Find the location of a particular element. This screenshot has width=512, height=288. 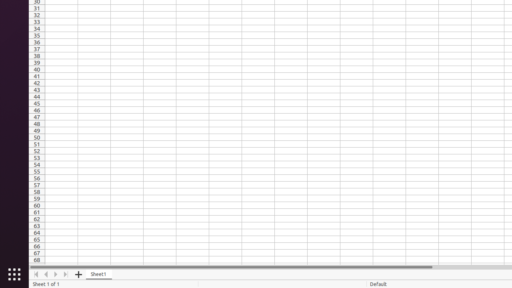

'Move Left' is located at coordinates (46, 274).